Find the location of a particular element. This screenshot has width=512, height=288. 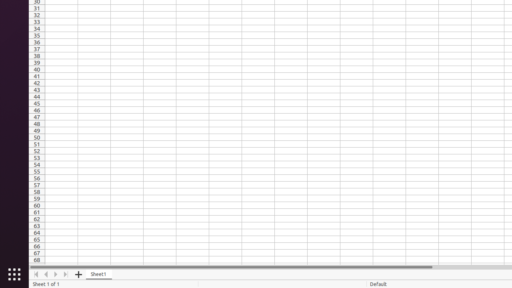

'Move Left' is located at coordinates (46, 274).